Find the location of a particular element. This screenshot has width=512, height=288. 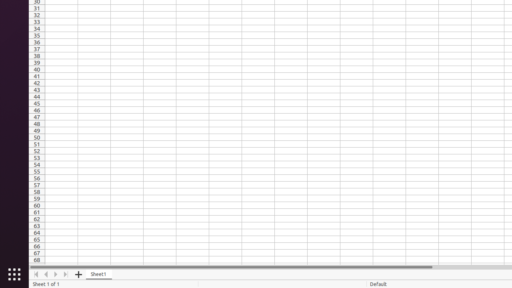

'Move Left' is located at coordinates (46, 274).